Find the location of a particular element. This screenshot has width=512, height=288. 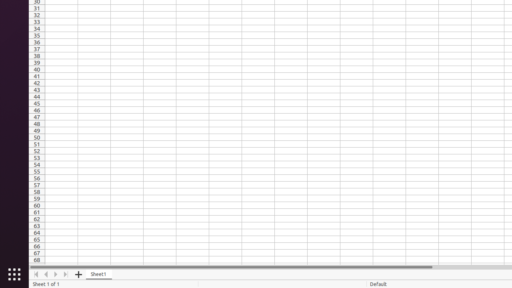

'Move Left' is located at coordinates (46, 274).